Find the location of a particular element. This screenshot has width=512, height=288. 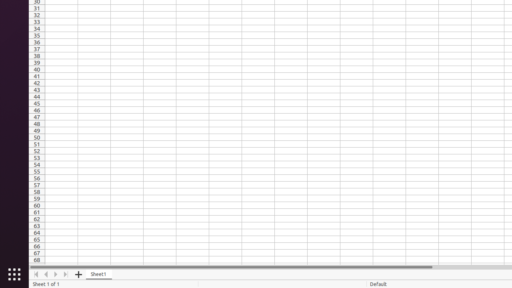

'Move Left' is located at coordinates (46, 274).